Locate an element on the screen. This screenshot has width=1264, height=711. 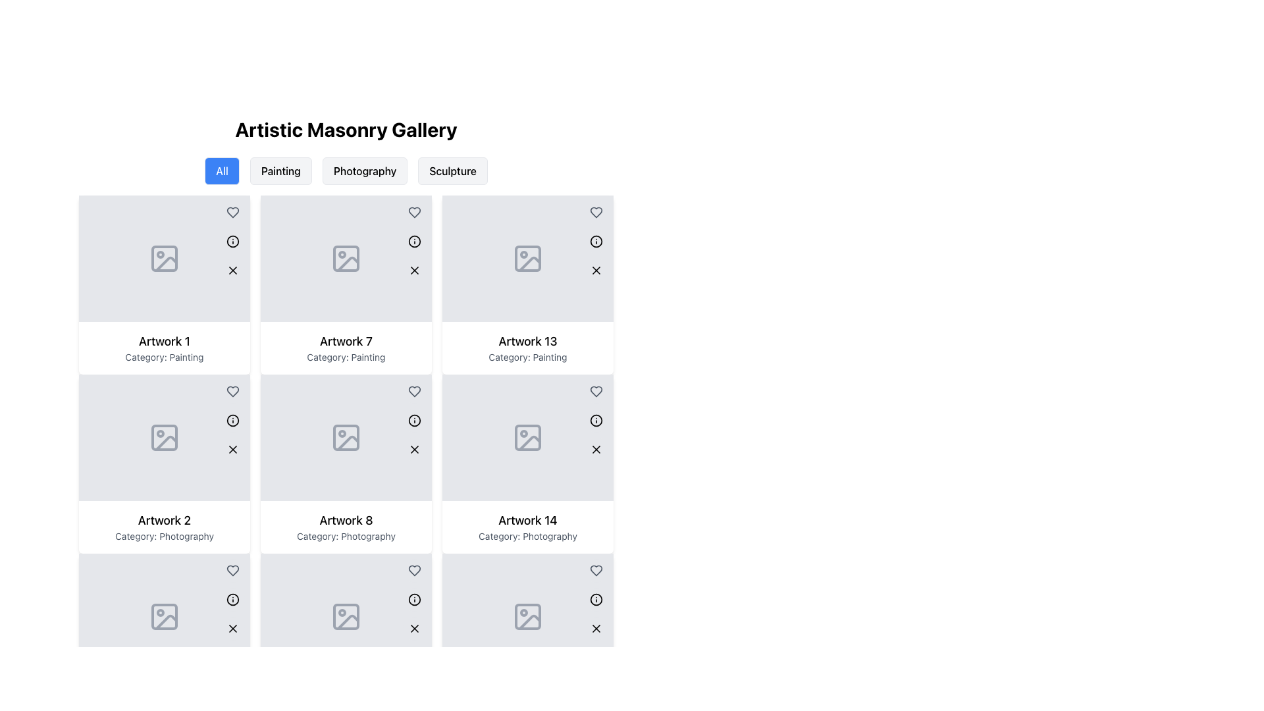
the 'delete' button located in the bottom-right corner of the 'Artwork 13' card is located at coordinates (596, 270).